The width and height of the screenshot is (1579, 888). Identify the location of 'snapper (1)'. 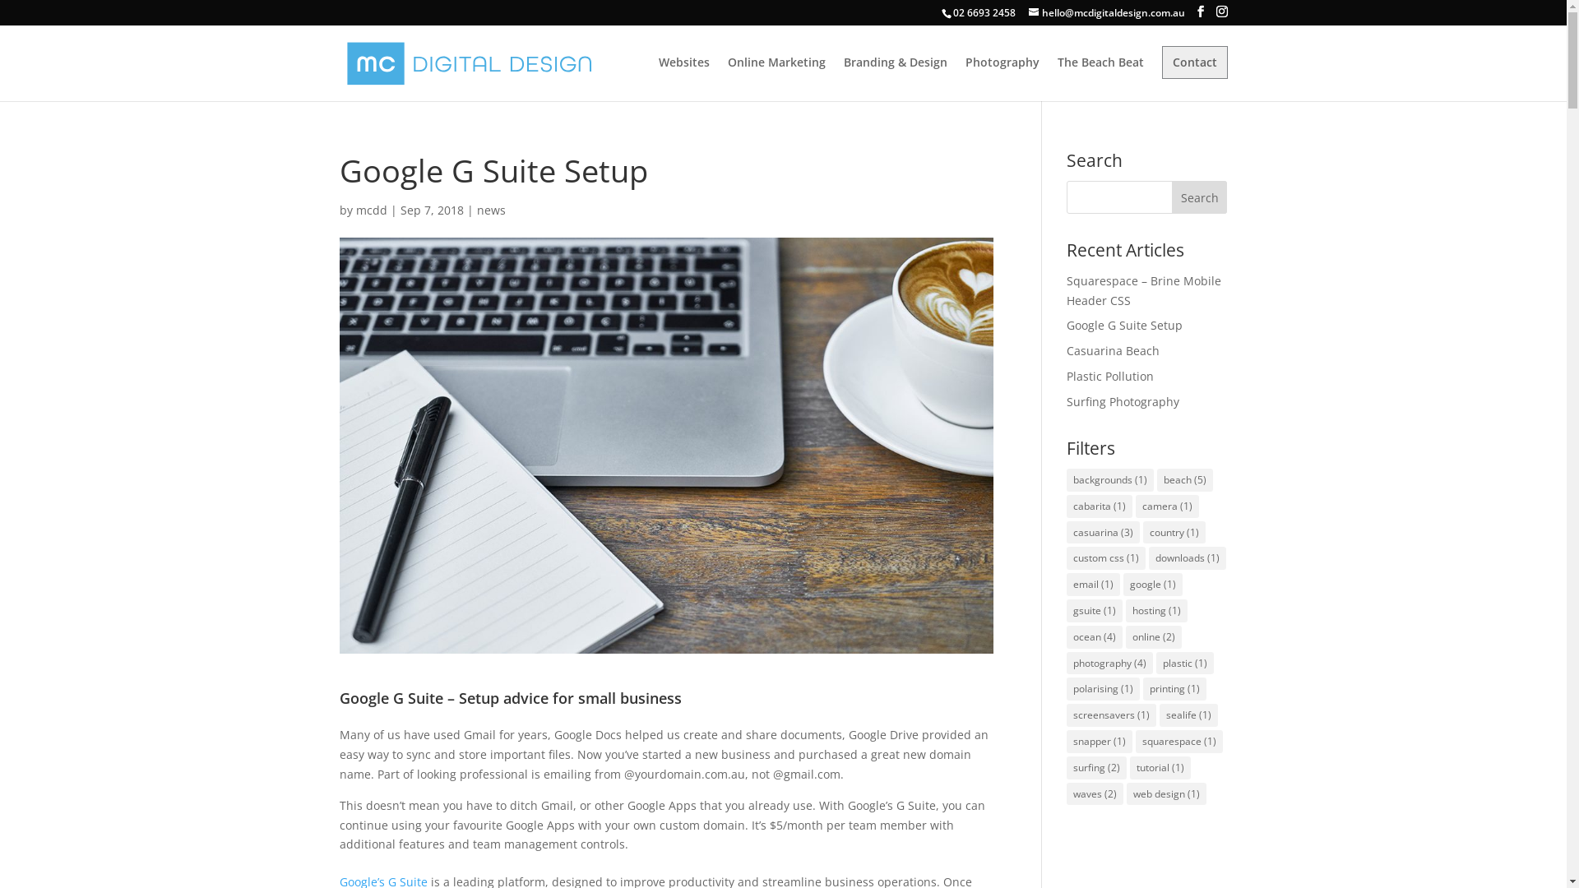
(1100, 742).